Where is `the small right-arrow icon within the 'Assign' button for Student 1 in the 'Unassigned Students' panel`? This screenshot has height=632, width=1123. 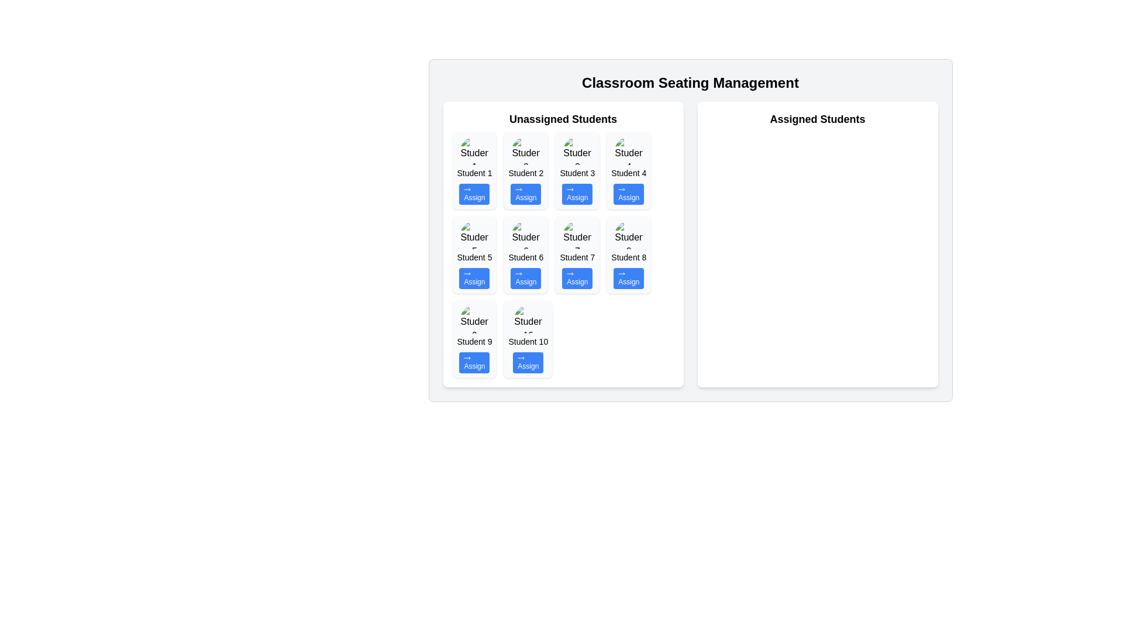 the small right-arrow icon within the 'Assign' button for Student 1 in the 'Unassigned Students' panel is located at coordinates (467, 189).